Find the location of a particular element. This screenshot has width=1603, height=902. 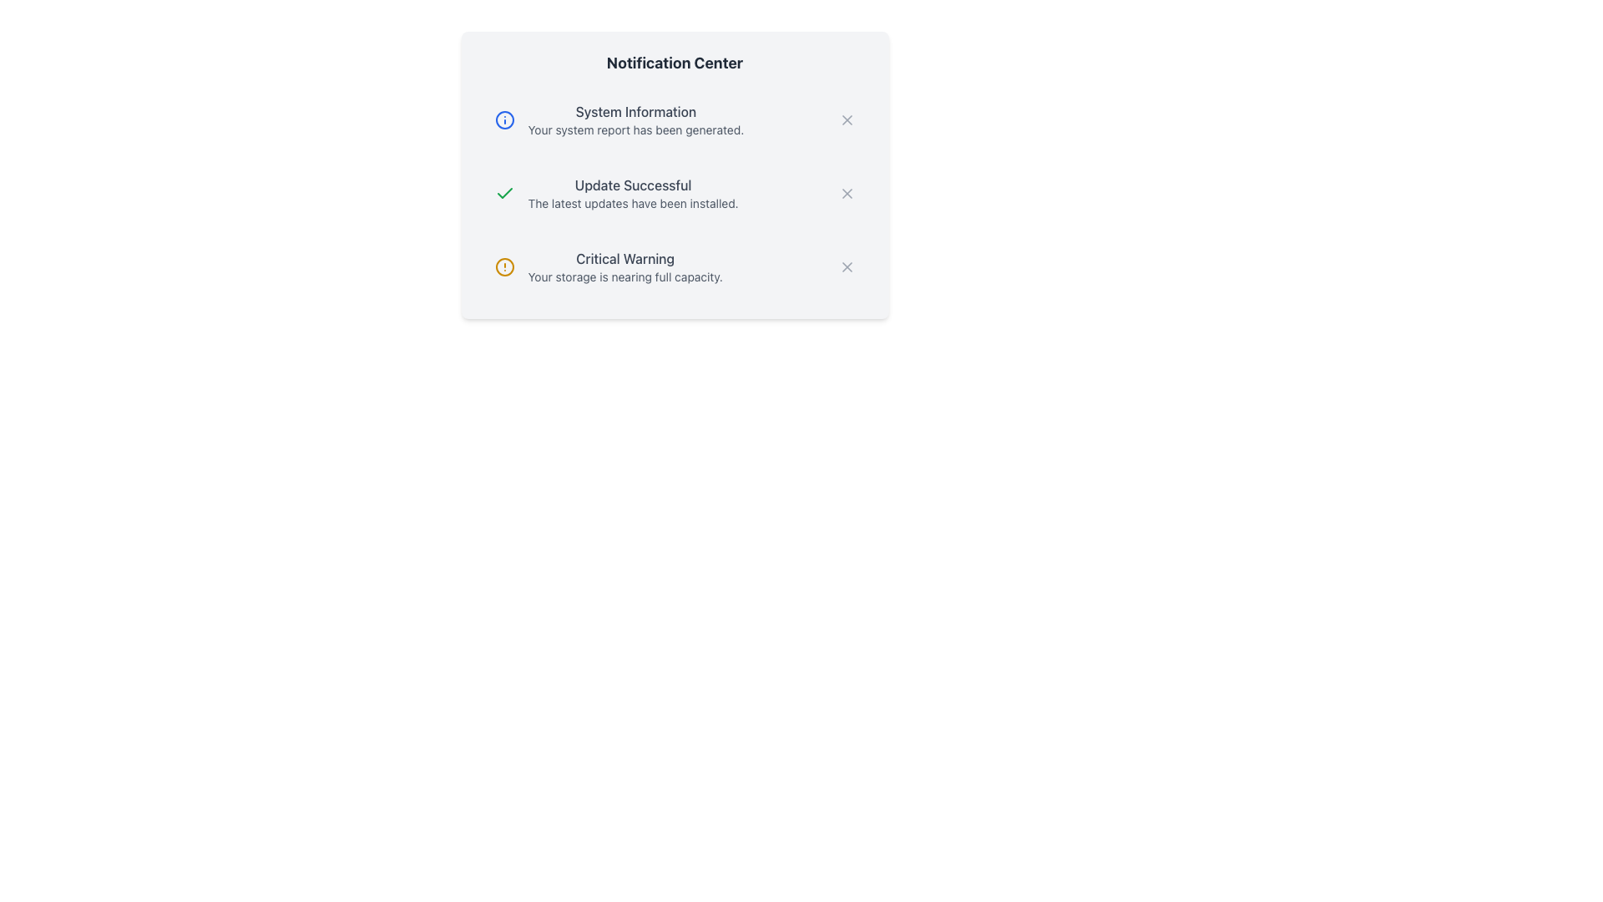

the static text label indicating that the update operation has been completed successfully, located at the center of the notification panel is located at coordinates (632, 185).